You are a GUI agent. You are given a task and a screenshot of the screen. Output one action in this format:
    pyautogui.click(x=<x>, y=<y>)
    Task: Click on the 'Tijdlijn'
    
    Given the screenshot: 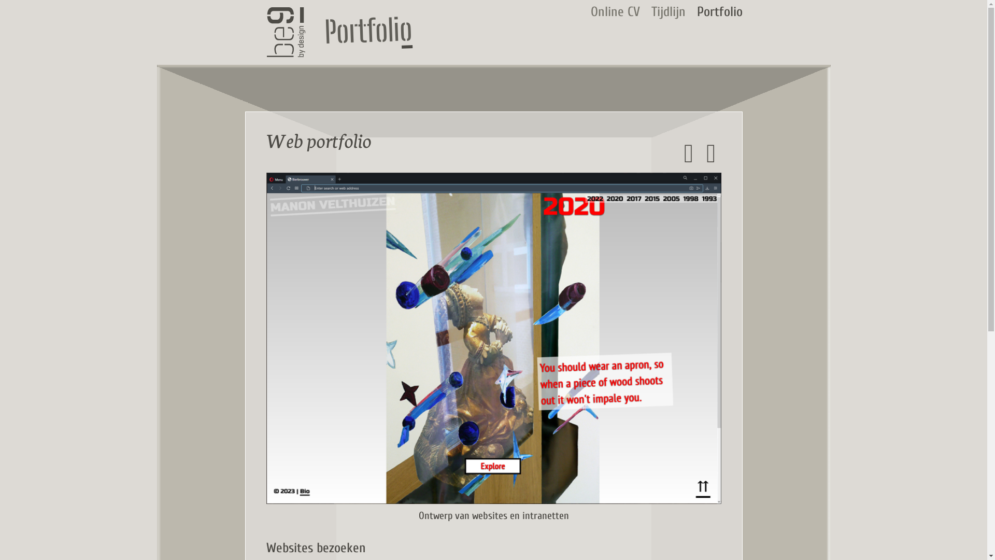 What is the action you would take?
    pyautogui.click(x=650, y=12)
    